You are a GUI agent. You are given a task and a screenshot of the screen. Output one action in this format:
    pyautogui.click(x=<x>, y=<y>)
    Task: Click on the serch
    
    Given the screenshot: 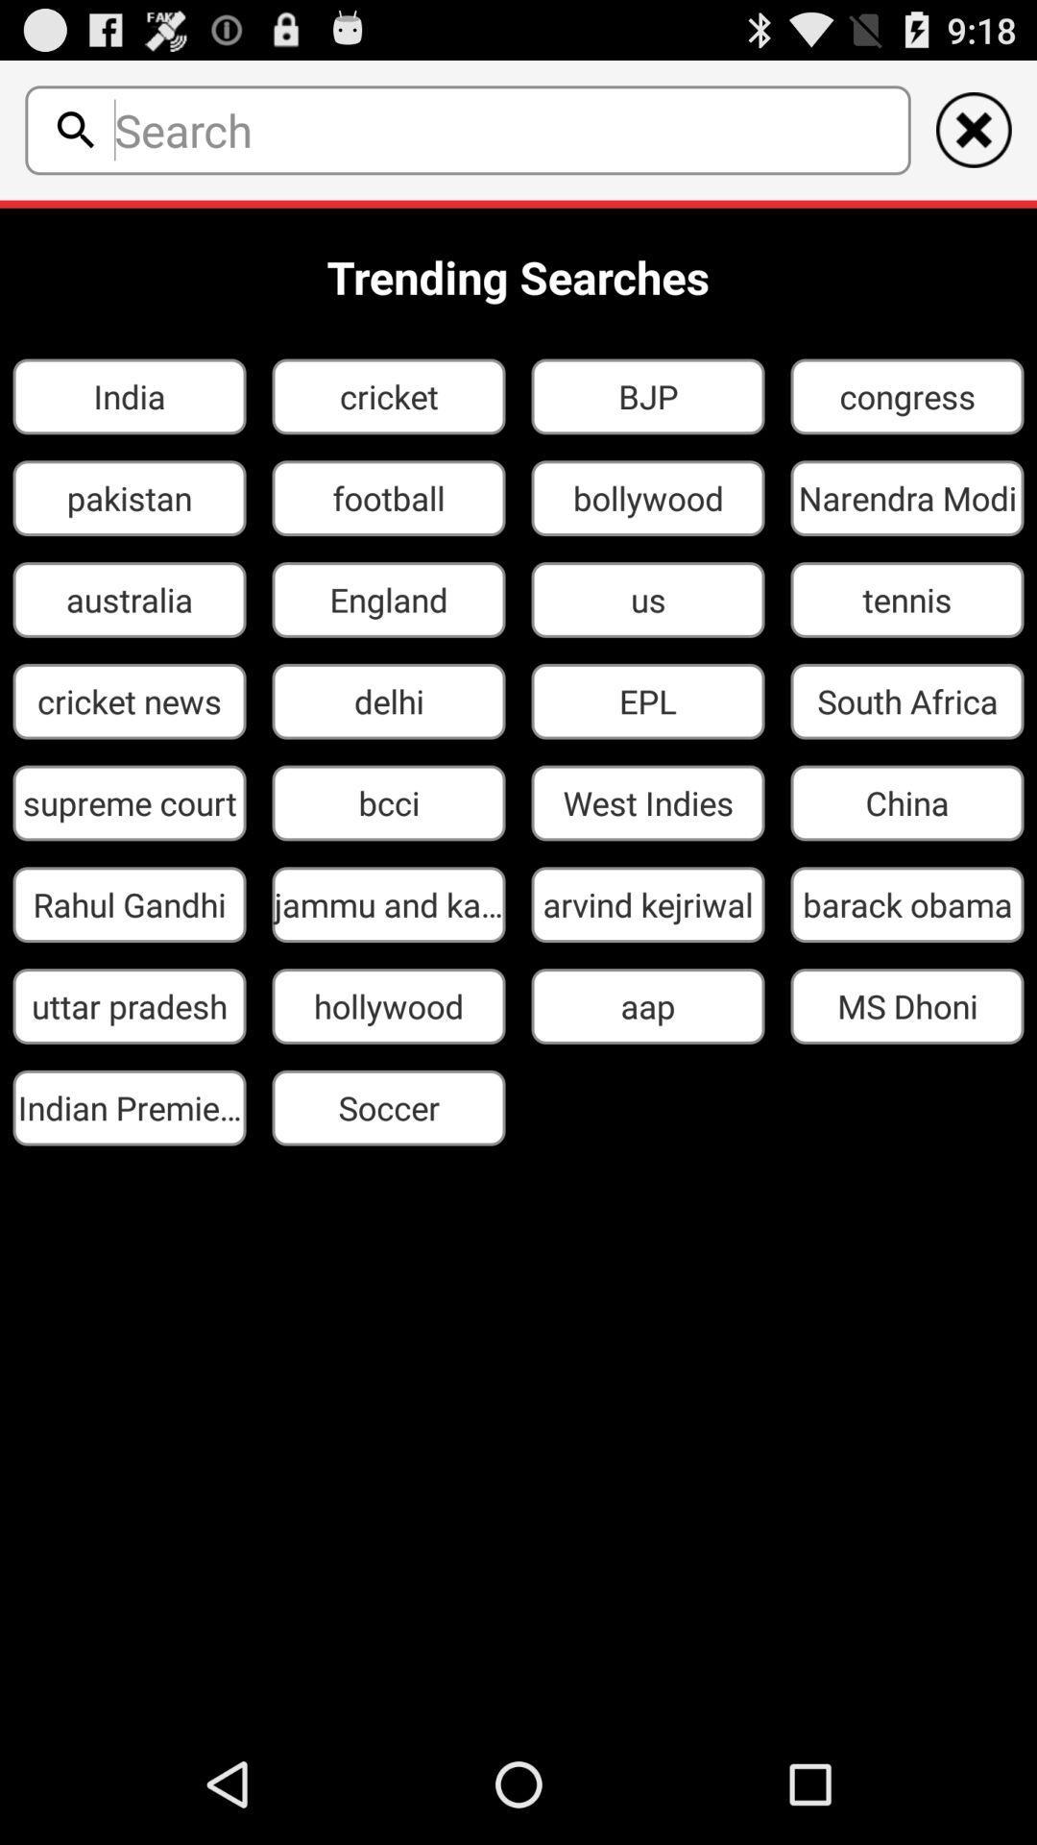 What is the action you would take?
    pyautogui.click(x=505, y=129)
    